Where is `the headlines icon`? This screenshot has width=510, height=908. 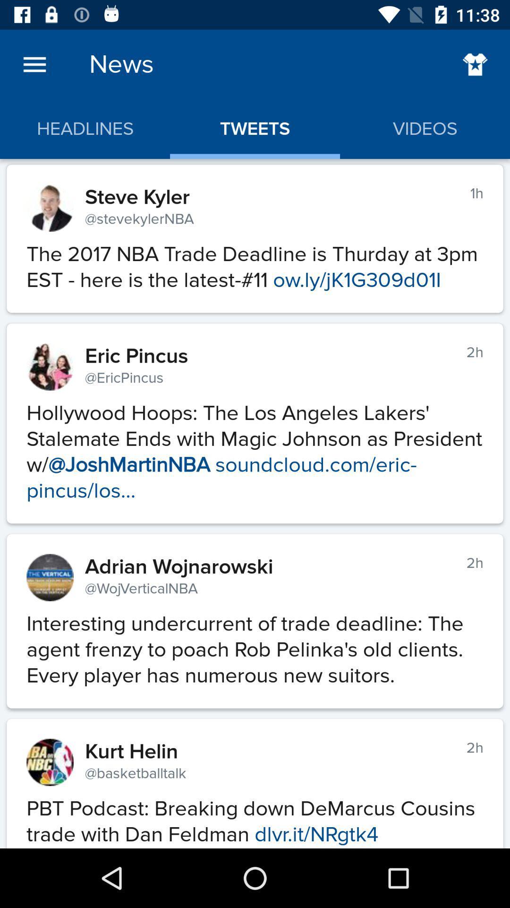
the headlines icon is located at coordinates (85, 129).